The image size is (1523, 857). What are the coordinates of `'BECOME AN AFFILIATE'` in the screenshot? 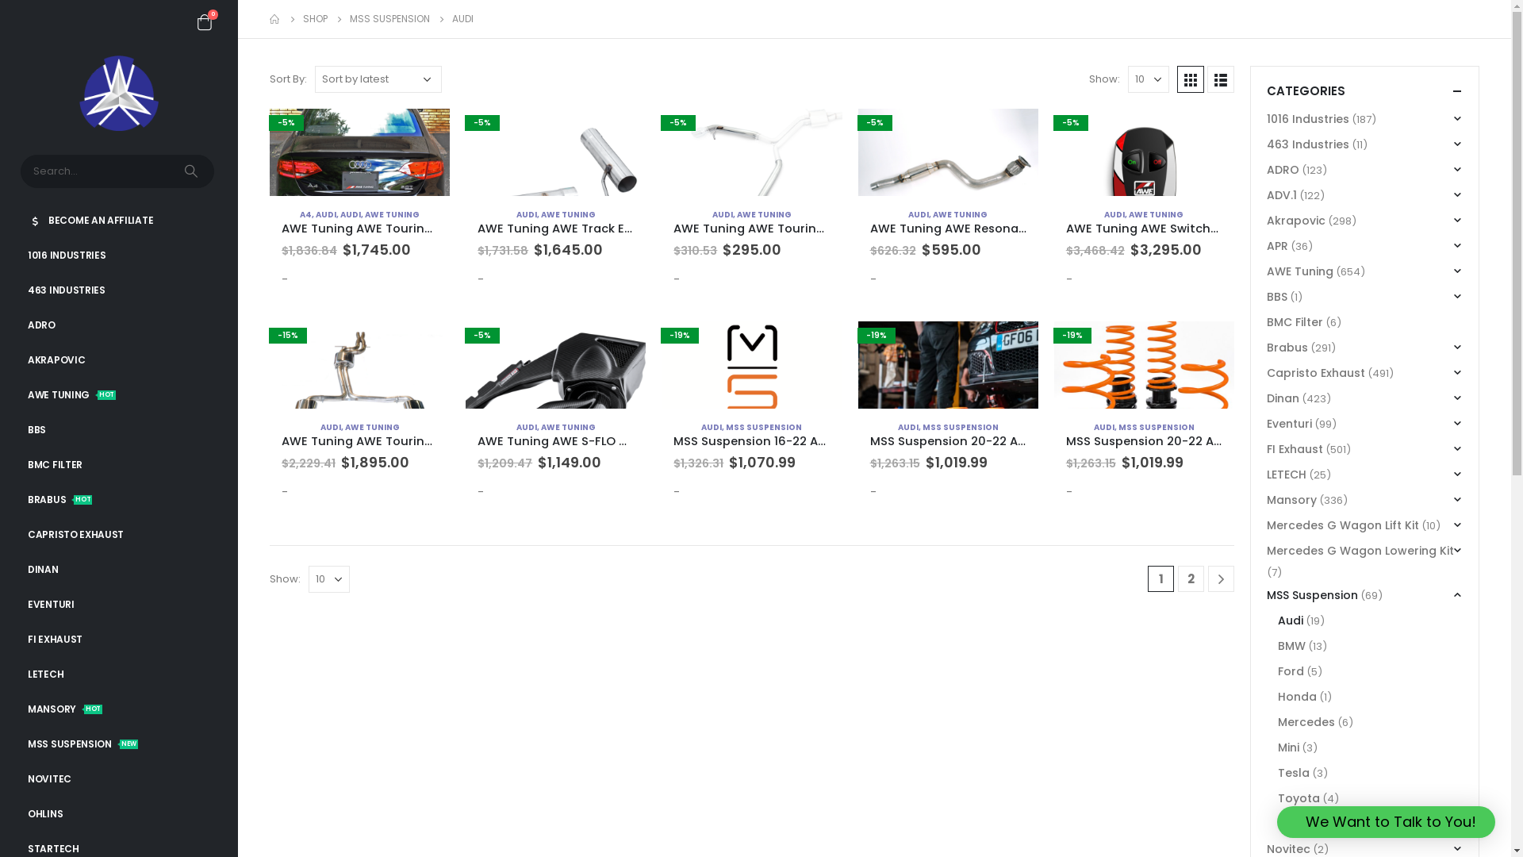 It's located at (23, 221).